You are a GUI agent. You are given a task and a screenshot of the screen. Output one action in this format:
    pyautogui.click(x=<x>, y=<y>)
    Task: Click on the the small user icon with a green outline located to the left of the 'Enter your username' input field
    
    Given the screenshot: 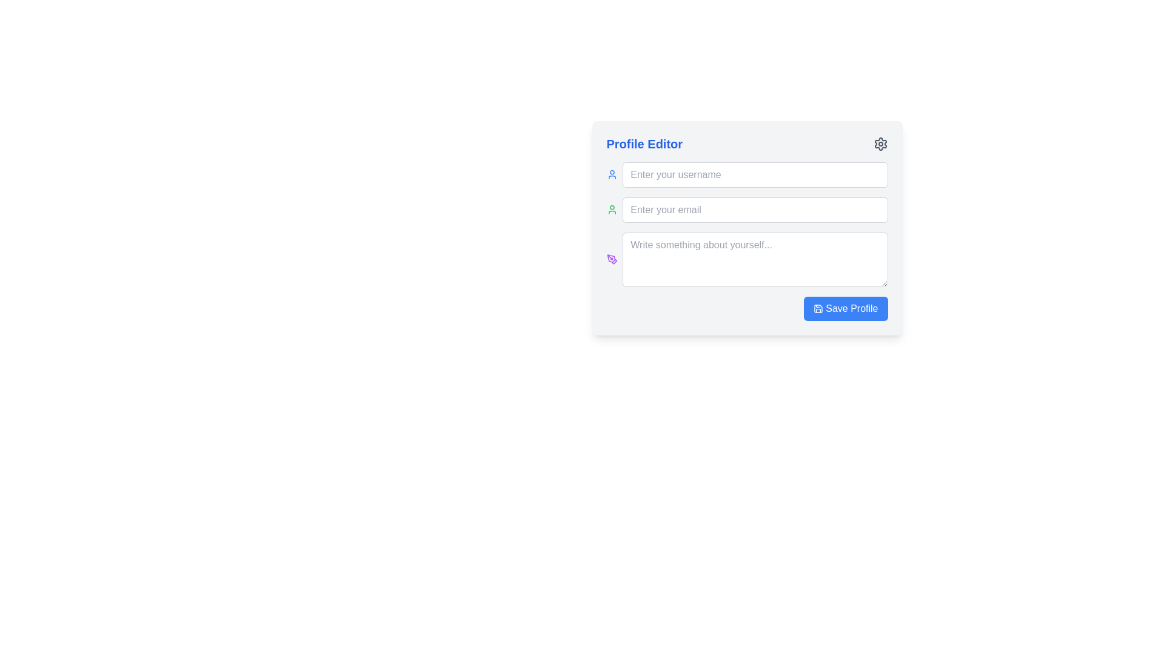 What is the action you would take?
    pyautogui.click(x=612, y=210)
    